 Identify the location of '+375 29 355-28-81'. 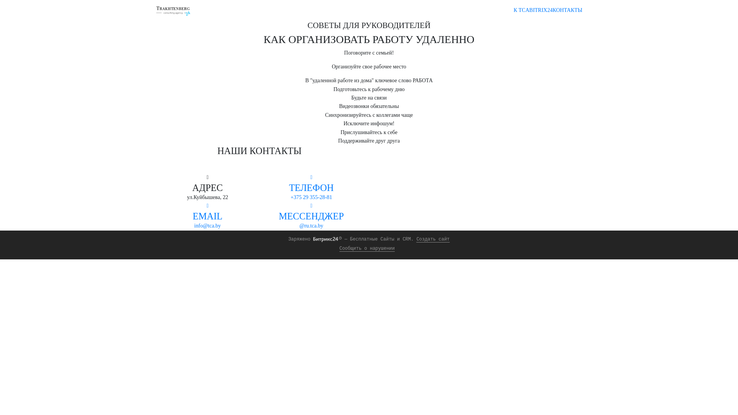
(311, 197).